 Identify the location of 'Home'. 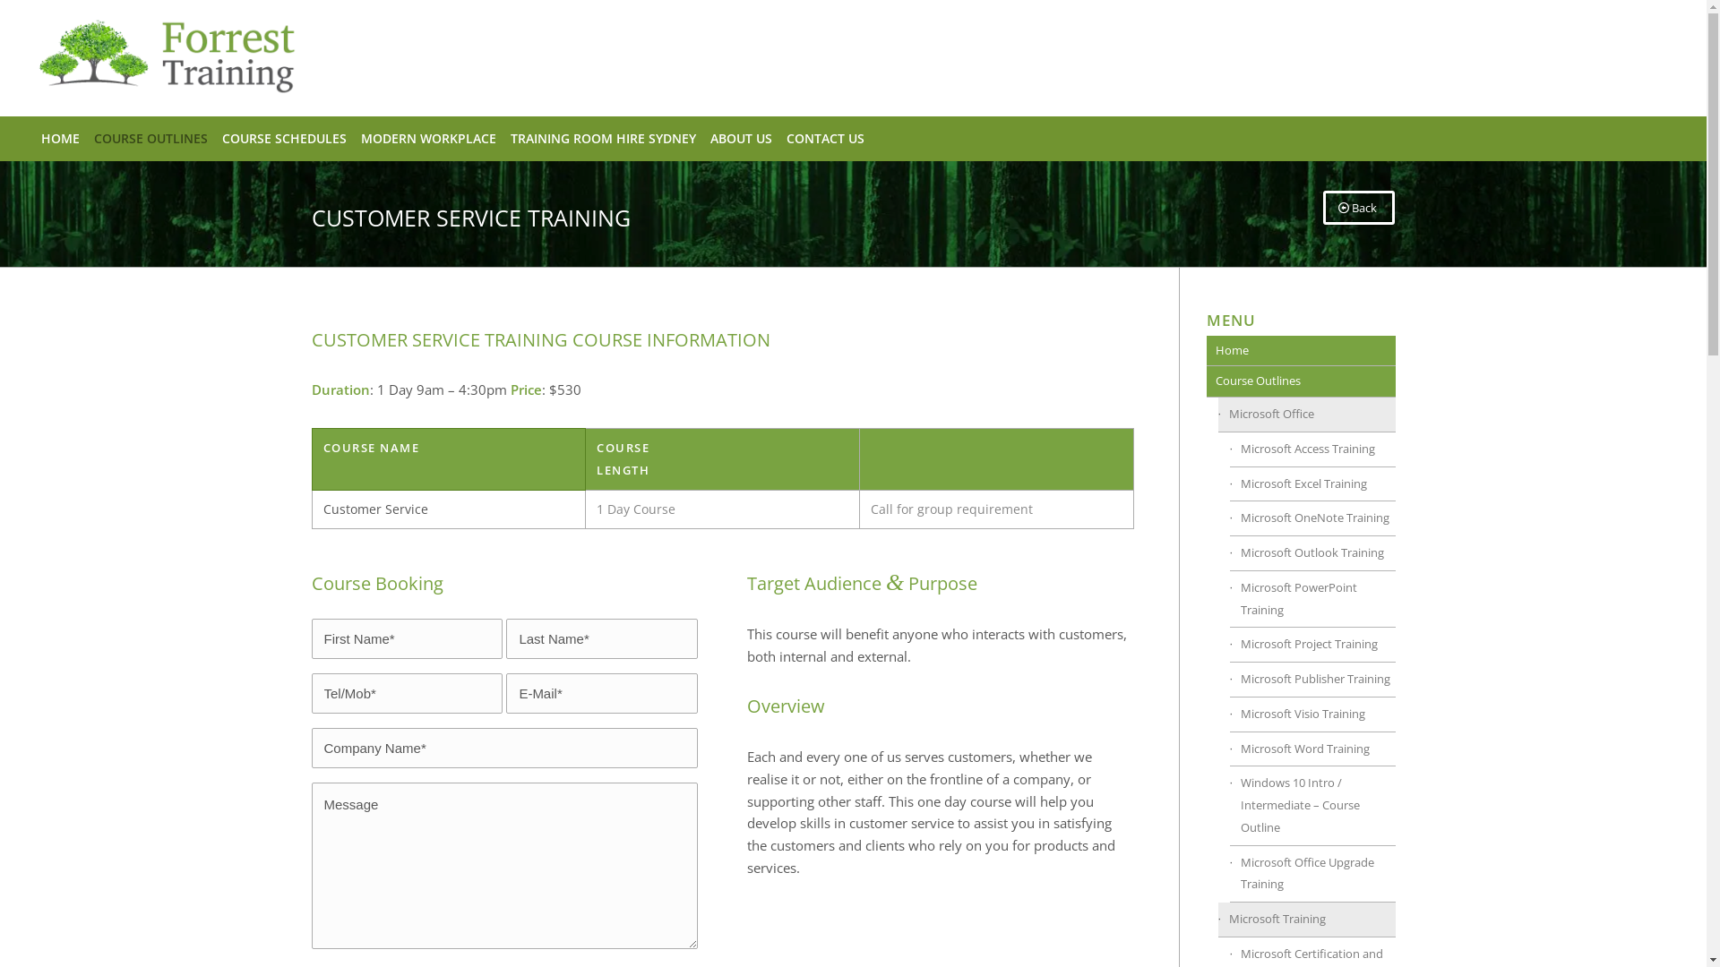
(1300, 351).